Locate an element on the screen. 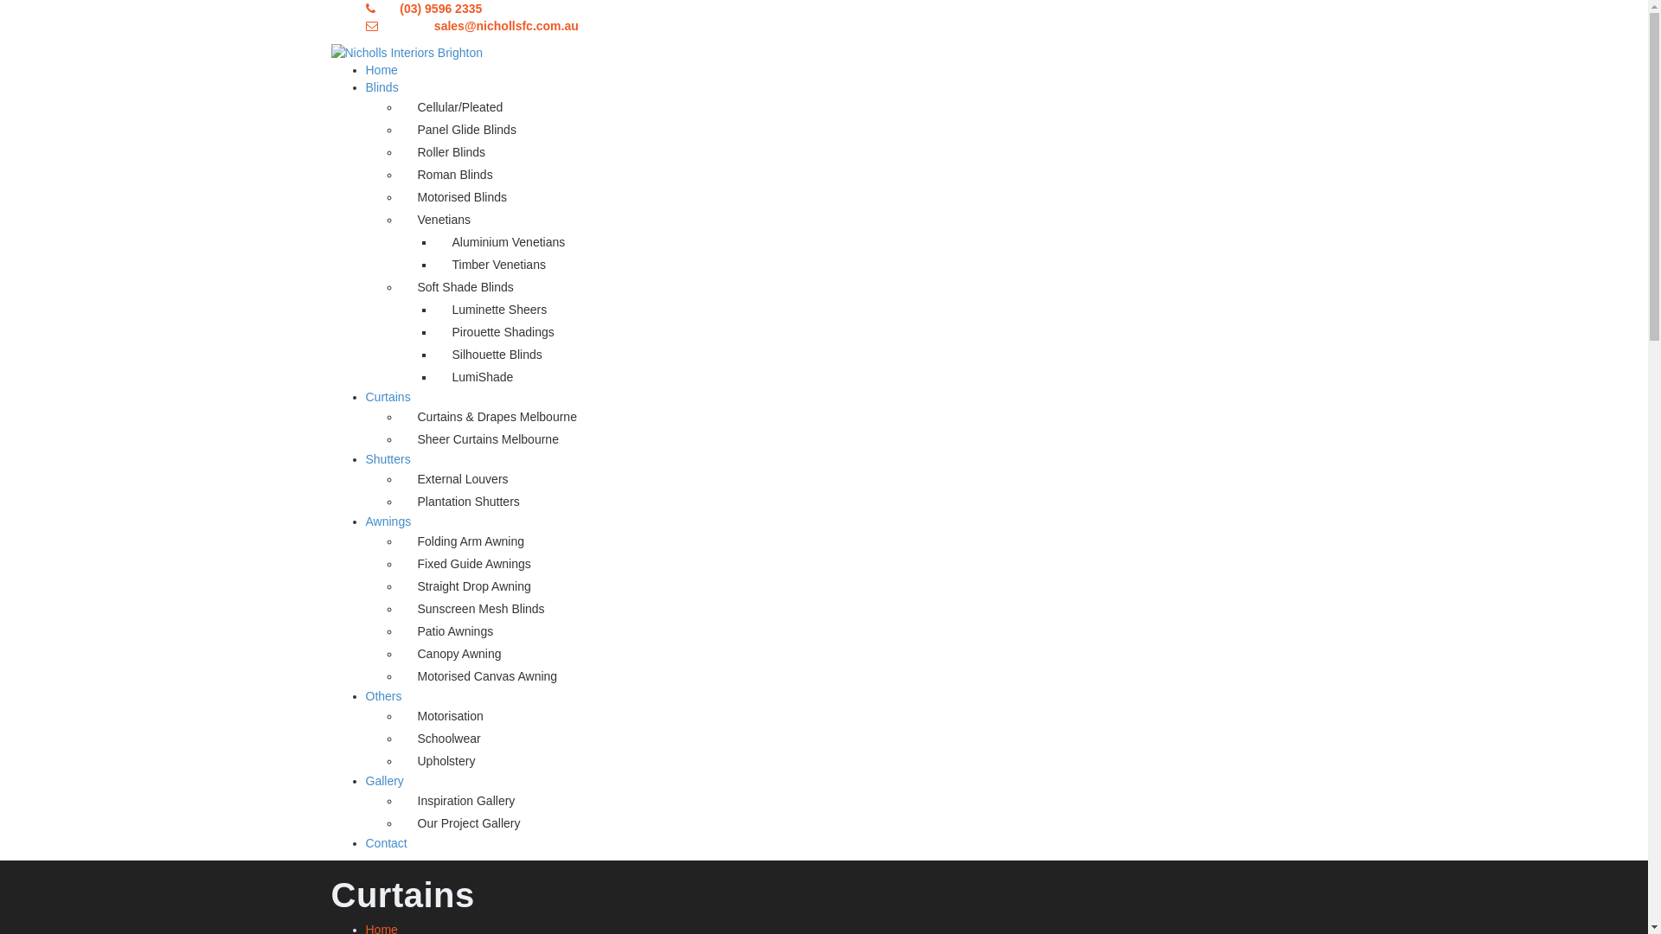 The height and width of the screenshot is (934, 1661). 'Blinds' is located at coordinates (381, 86).